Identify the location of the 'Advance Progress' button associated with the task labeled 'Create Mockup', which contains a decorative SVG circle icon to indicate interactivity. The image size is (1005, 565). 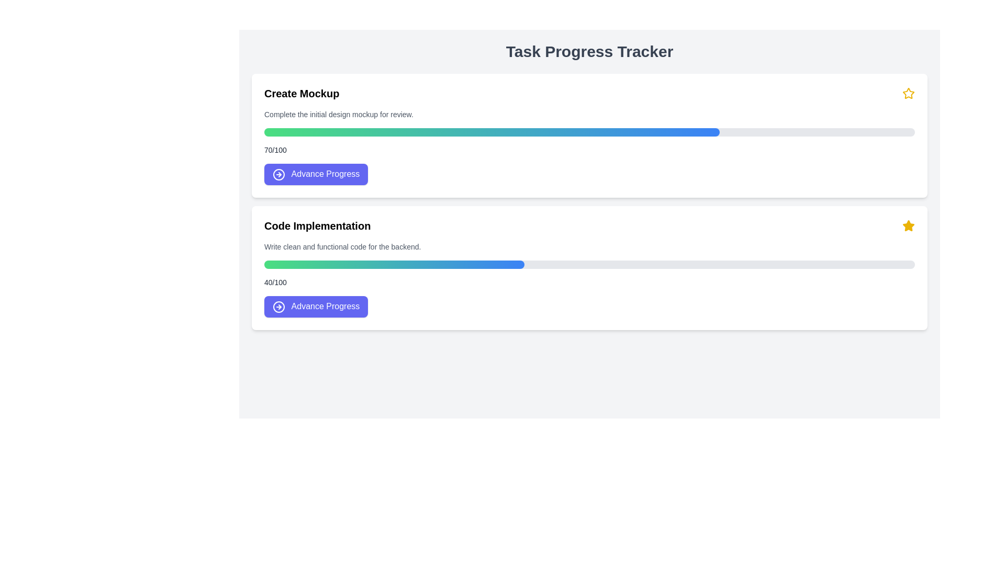
(278, 173).